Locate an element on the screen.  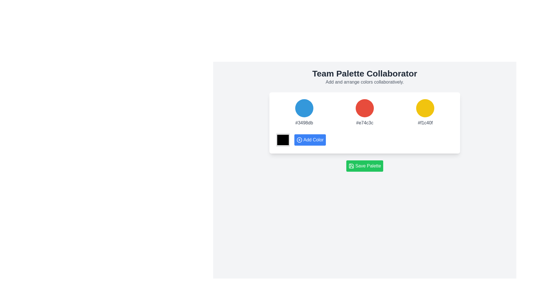
the green button with a white save icon labeled 'Save Palette' located at the bottom center of the card layout is located at coordinates (351, 166).